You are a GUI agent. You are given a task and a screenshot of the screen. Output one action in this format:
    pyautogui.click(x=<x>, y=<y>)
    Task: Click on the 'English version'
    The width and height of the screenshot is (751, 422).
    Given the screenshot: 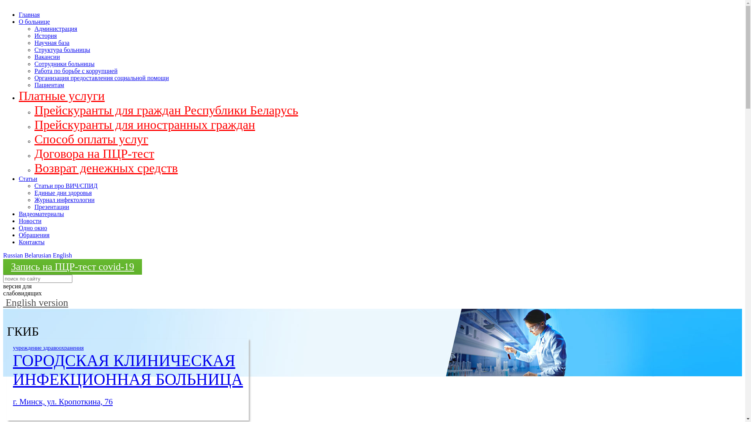 What is the action you would take?
    pyautogui.click(x=35, y=302)
    